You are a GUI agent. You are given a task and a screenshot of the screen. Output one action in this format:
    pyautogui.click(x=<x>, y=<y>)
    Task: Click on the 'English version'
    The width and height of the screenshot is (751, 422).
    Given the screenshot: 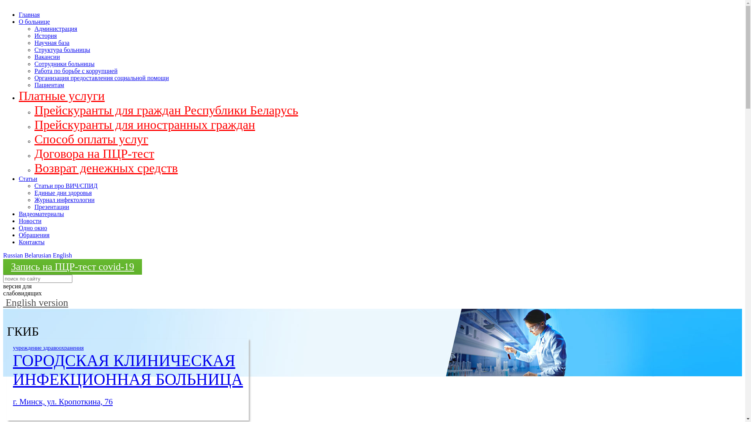 What is the action you would take?
    pyautogui.click(x=35, y=302)
    